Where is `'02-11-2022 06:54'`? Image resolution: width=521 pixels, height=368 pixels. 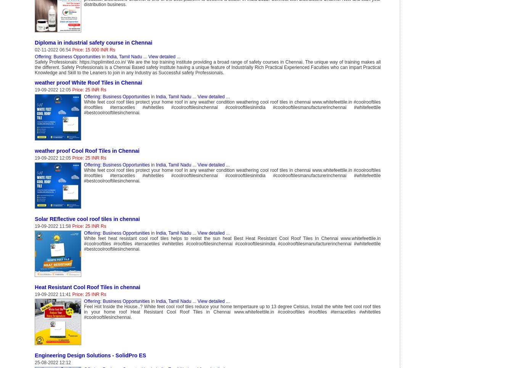
'02-11-2022 06:54' is located at coordinates (53, 50).